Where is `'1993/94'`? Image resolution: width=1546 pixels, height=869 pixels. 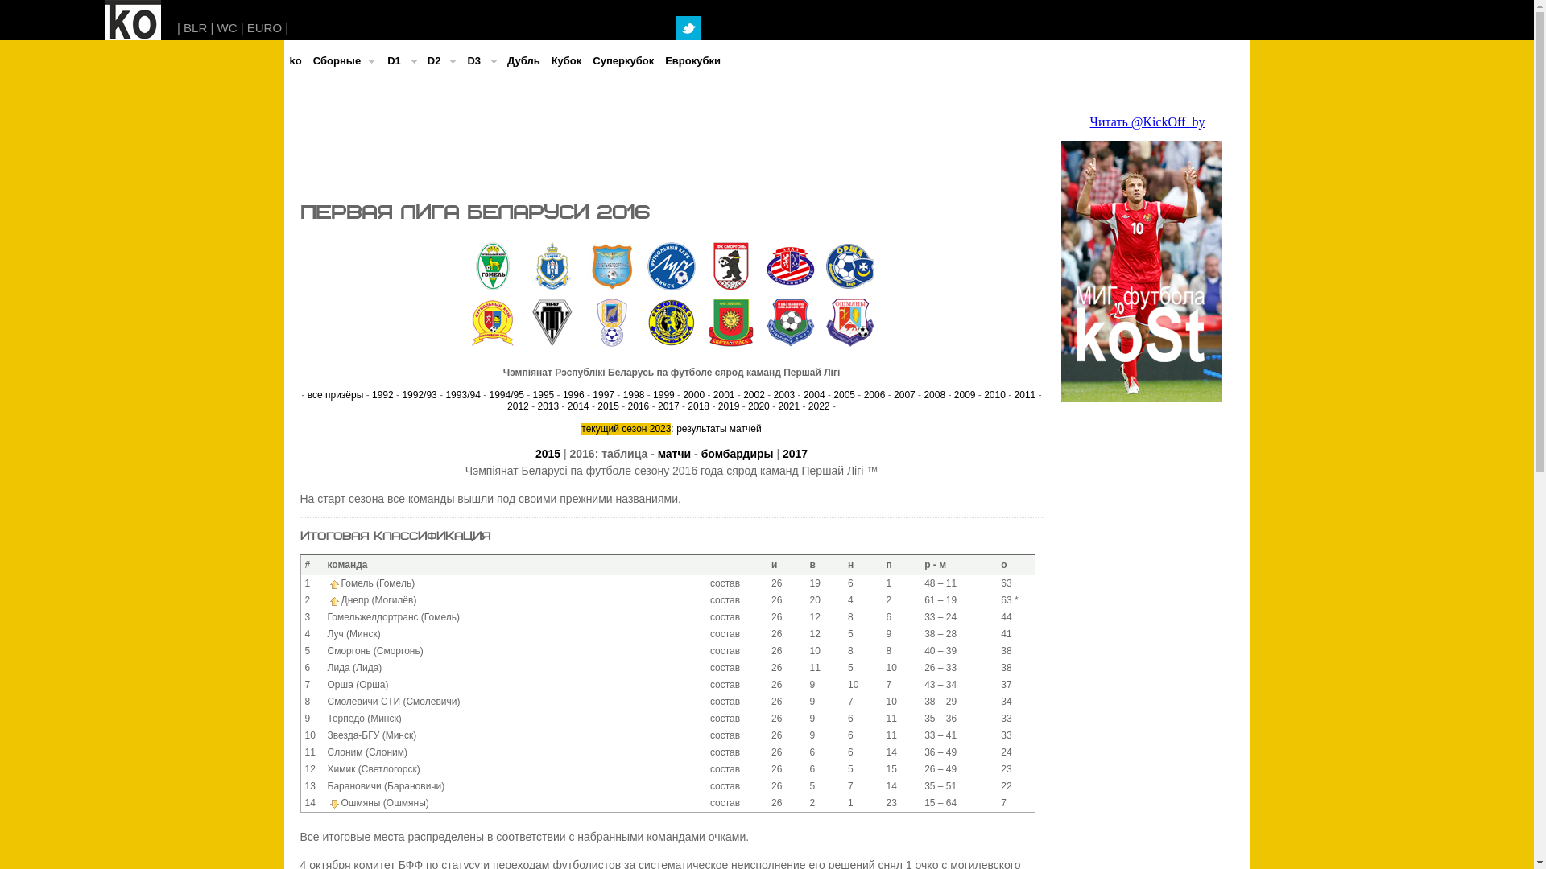
'1993/94' is located at coordinates (461, 394).